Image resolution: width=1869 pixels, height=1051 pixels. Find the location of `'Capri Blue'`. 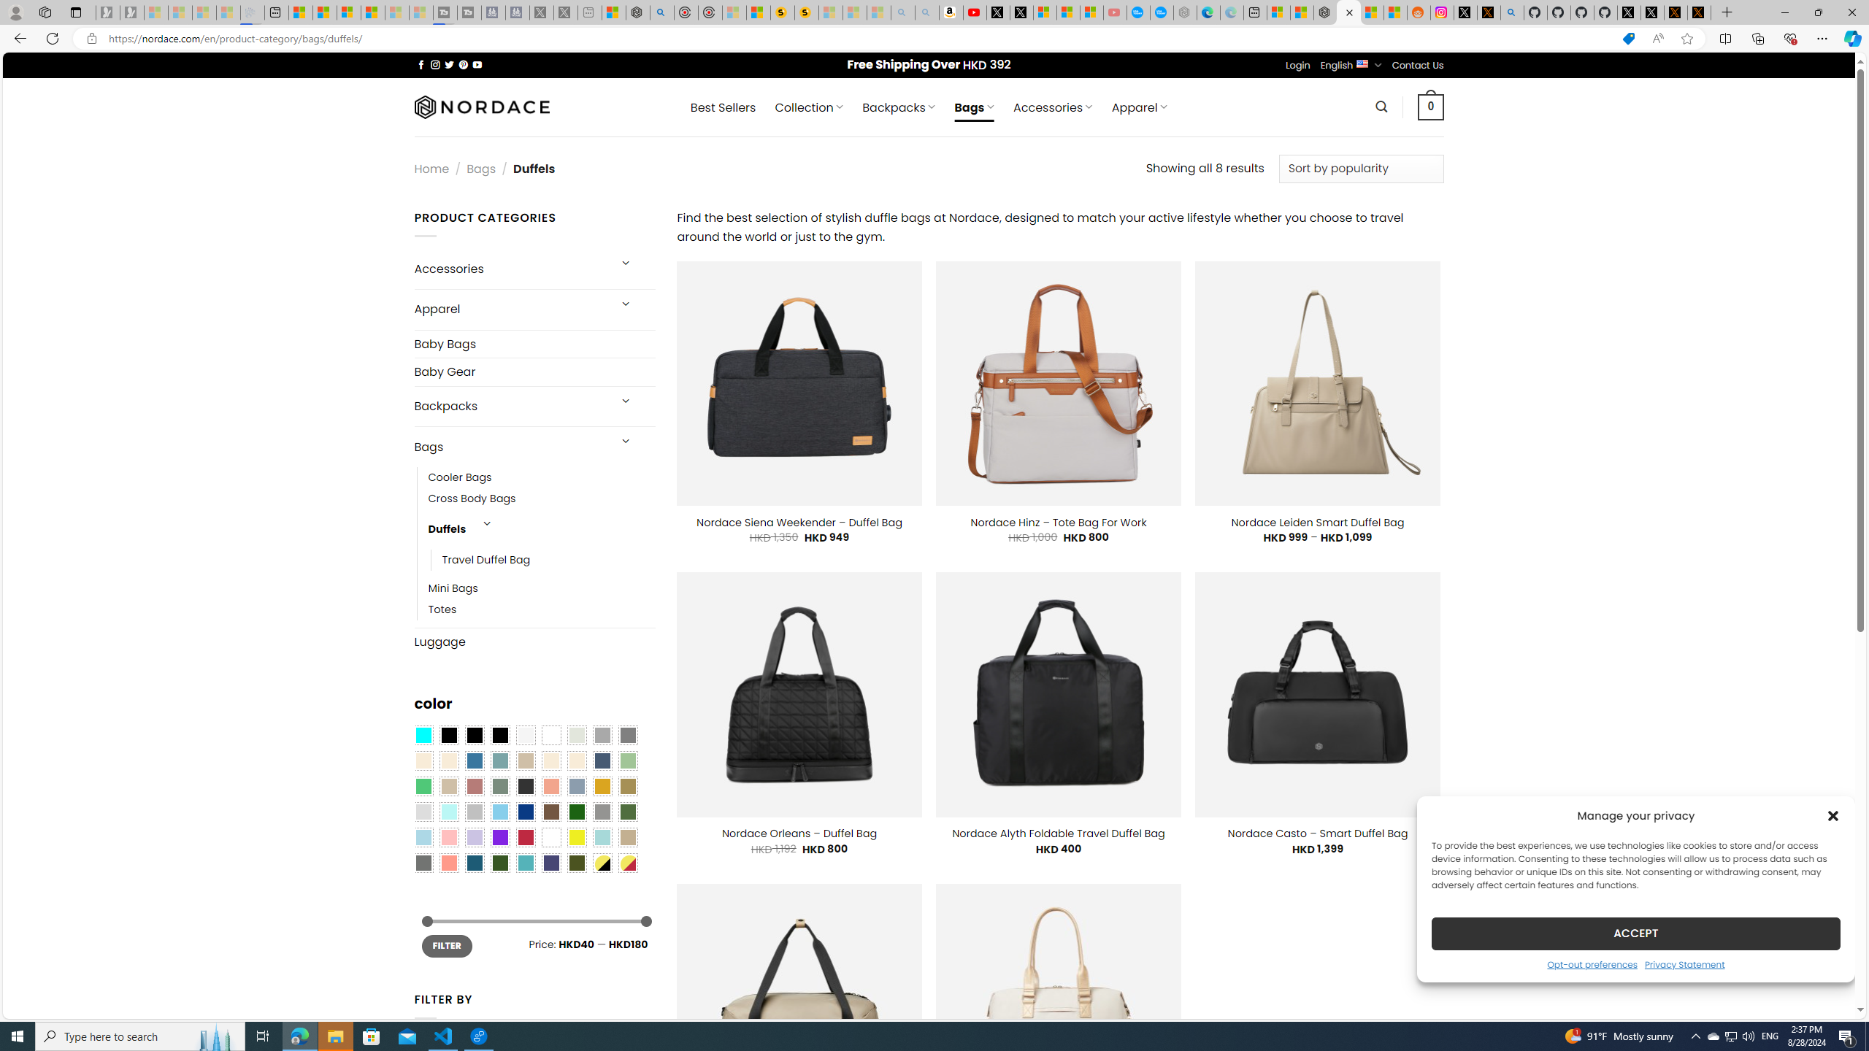

'Capri Blue' is located at coordinates (474, 863).